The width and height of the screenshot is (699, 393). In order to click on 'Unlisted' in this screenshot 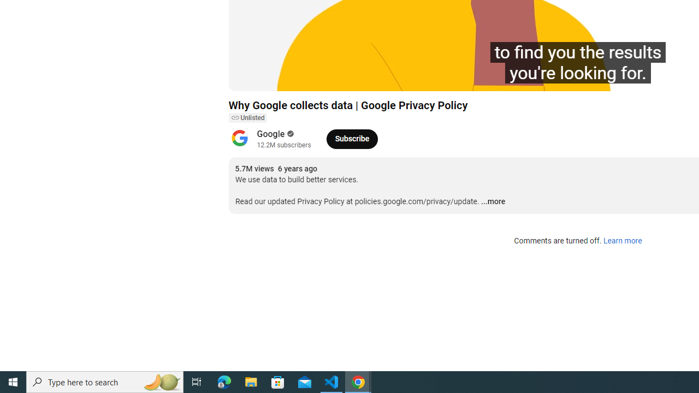, I will do `click(247, 118)`.